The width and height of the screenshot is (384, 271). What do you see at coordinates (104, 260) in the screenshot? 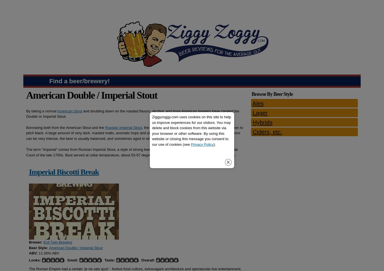
I see `'Taste:'` at bounding box center [104, 260].